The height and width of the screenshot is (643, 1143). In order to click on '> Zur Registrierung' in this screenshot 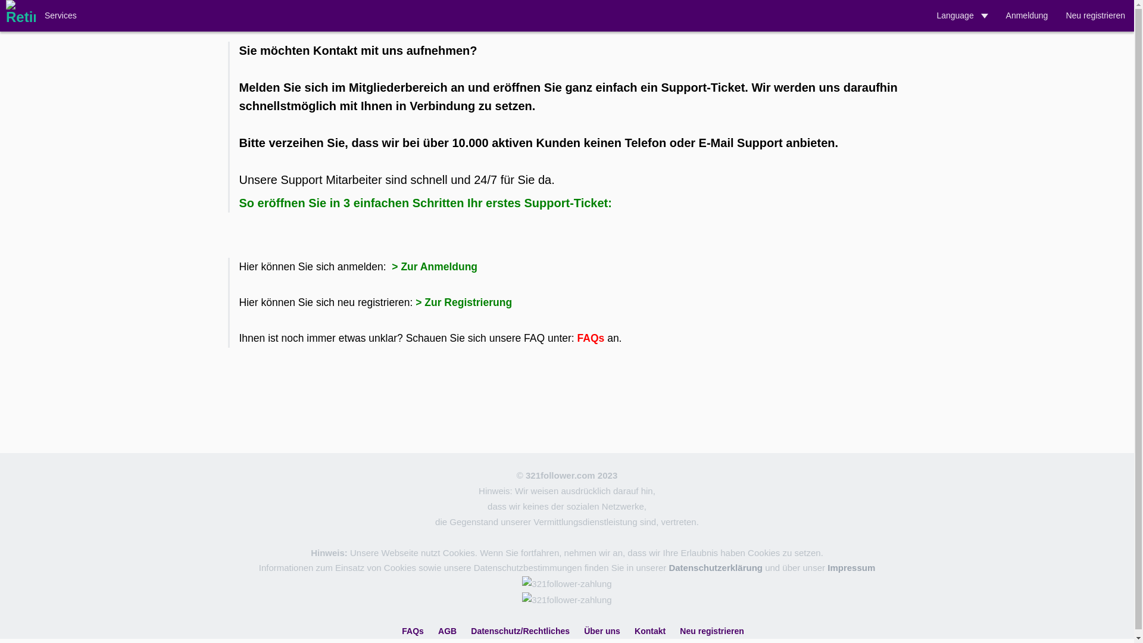, I will do `click(415, 302)`.